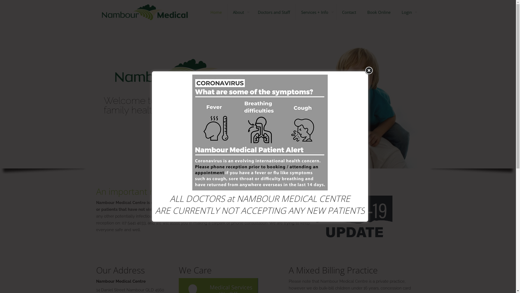 The height and width of the screenshot is (293, 520). What do you see at coordinates (379, 12) in the screenshot?
I see `'Book Online'` at bounding box center [379, 12].